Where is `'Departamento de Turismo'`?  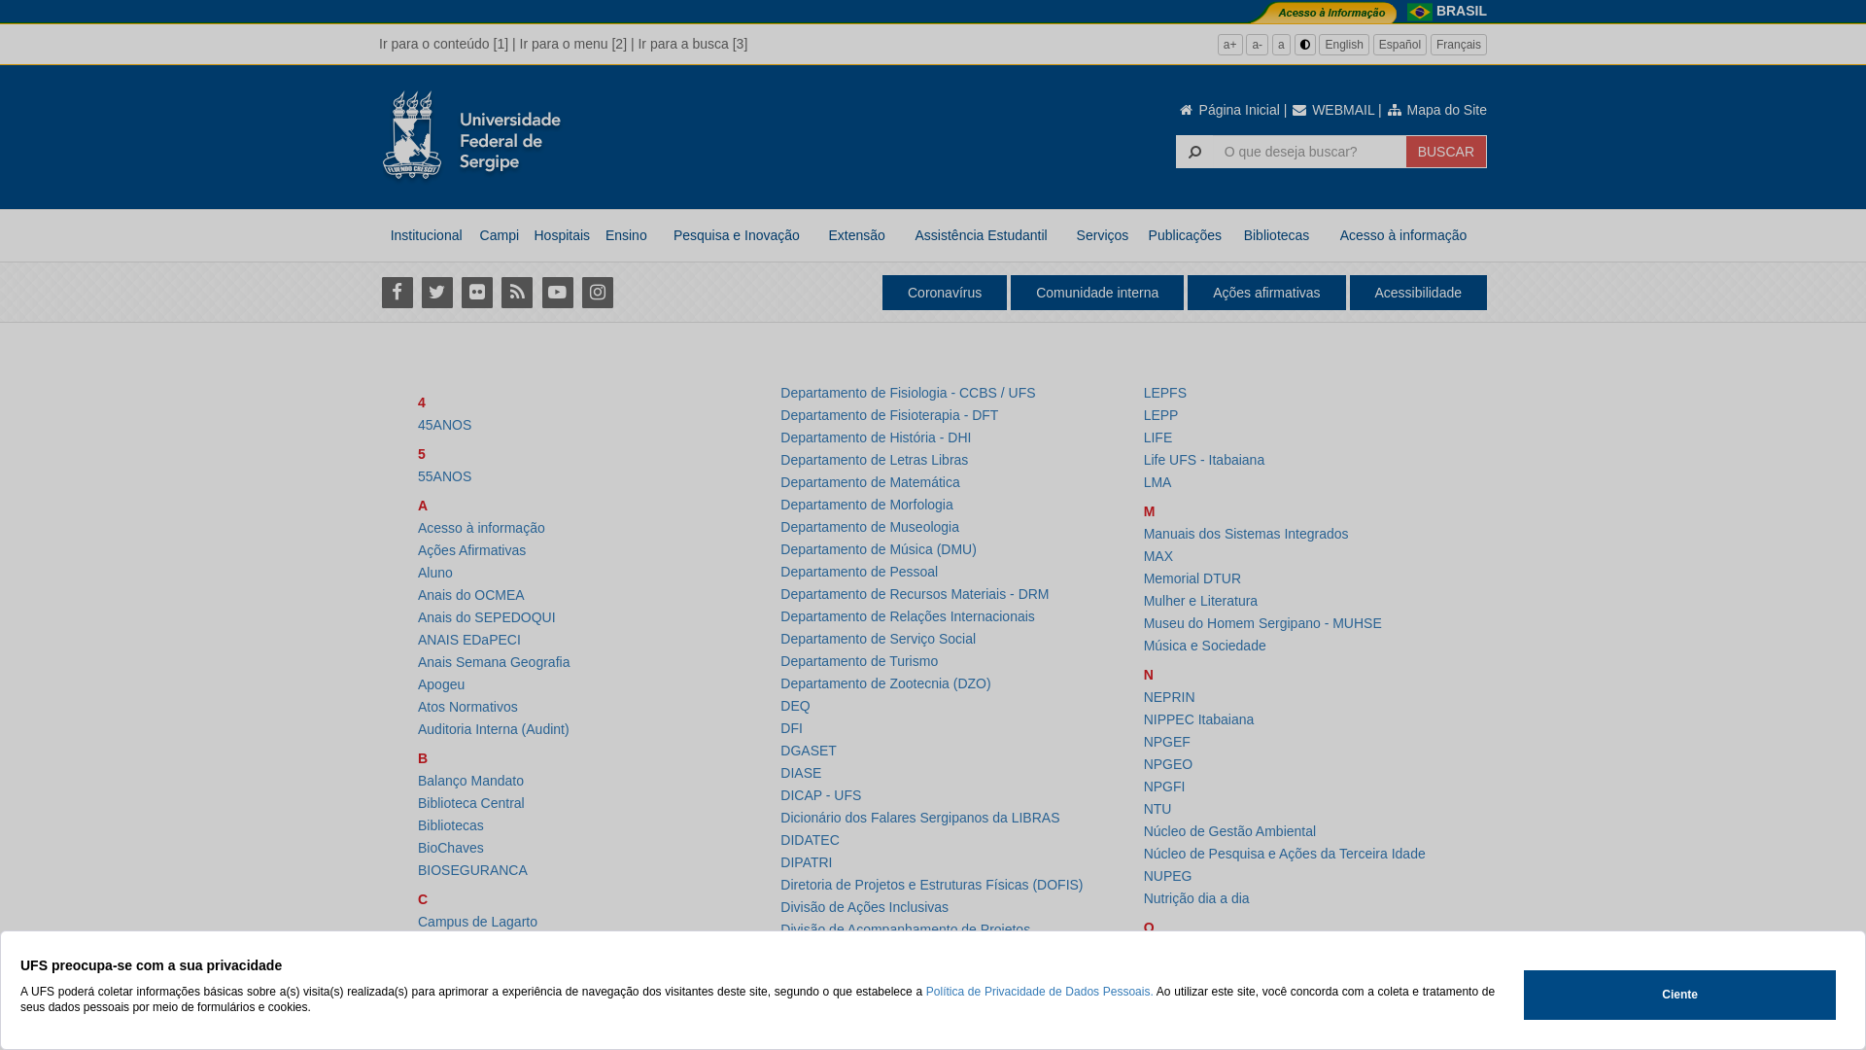
'Departamento de Turismo' is located at coordinates (857, 659).